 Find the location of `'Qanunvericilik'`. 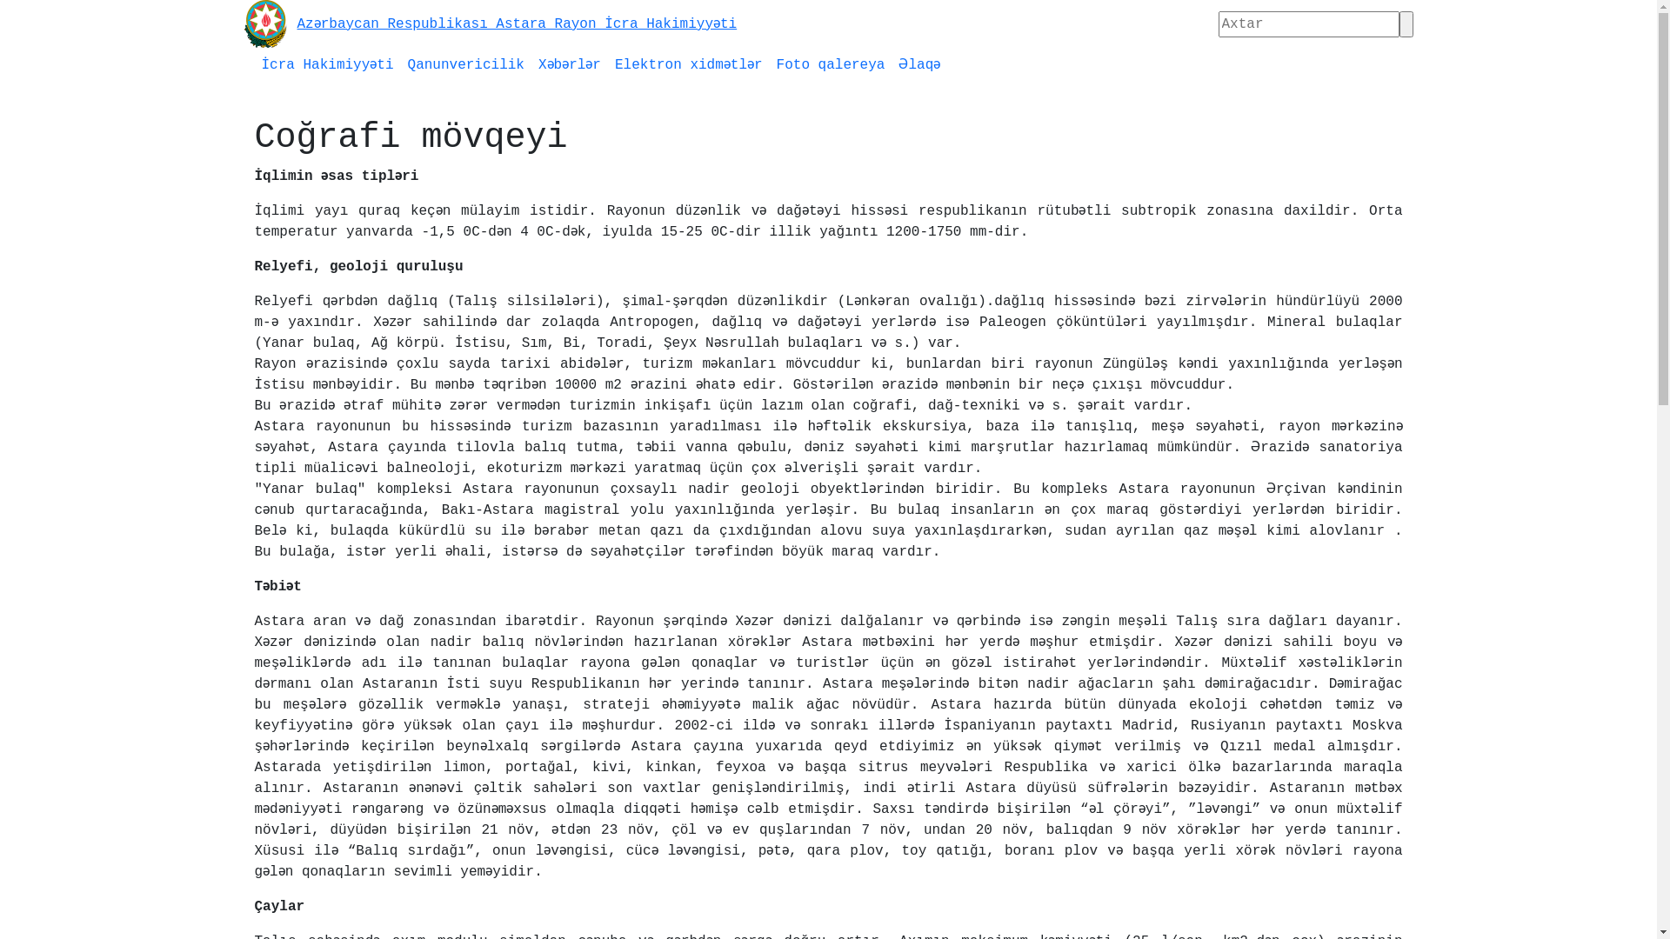

'Qanunvericilik' is located at coordinates (466, 63).